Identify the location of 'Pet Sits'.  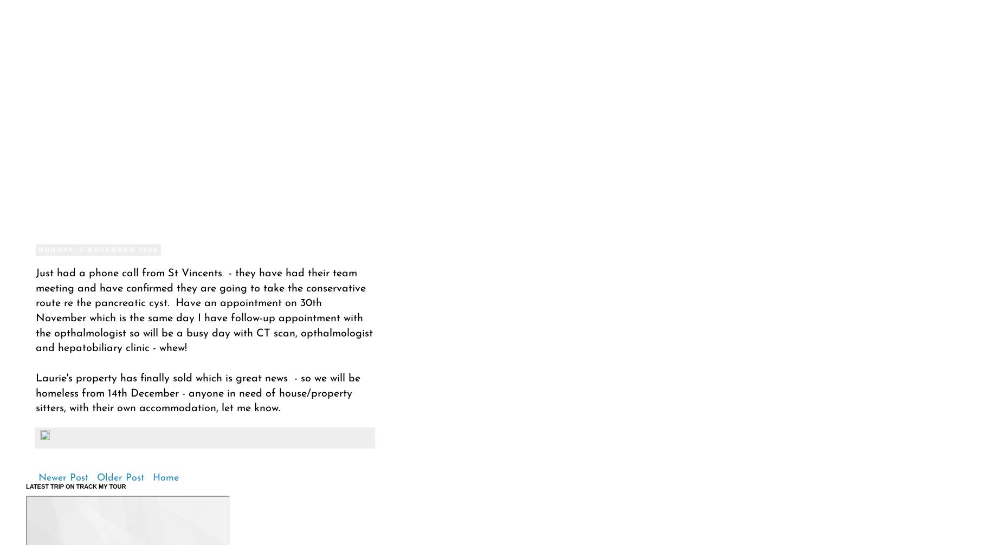
(42, 161).